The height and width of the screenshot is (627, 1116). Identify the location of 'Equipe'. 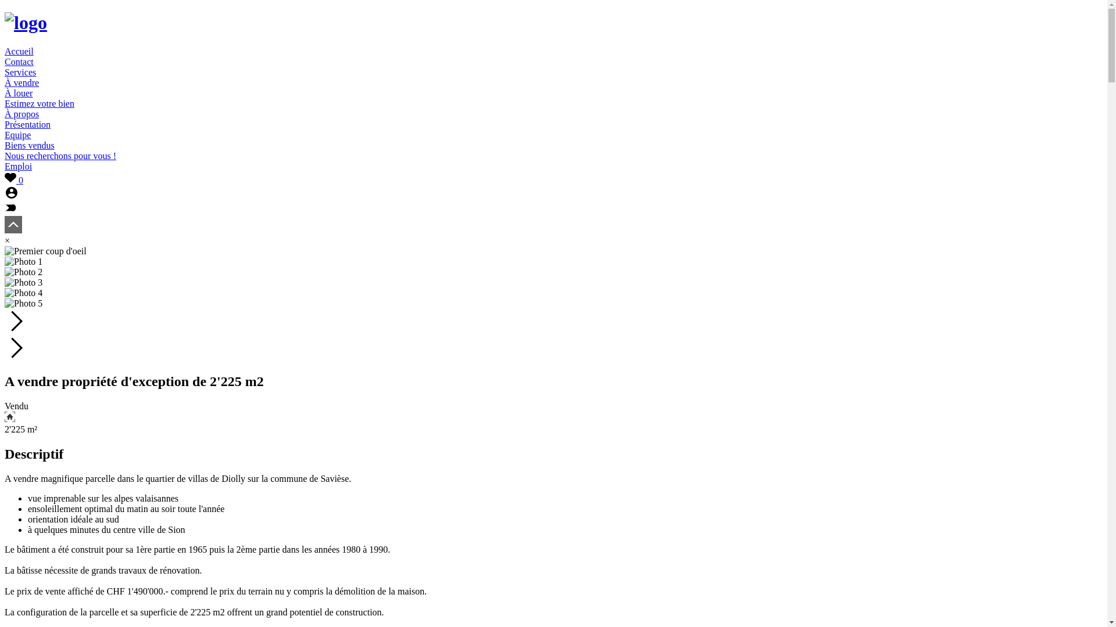
(17, 134).